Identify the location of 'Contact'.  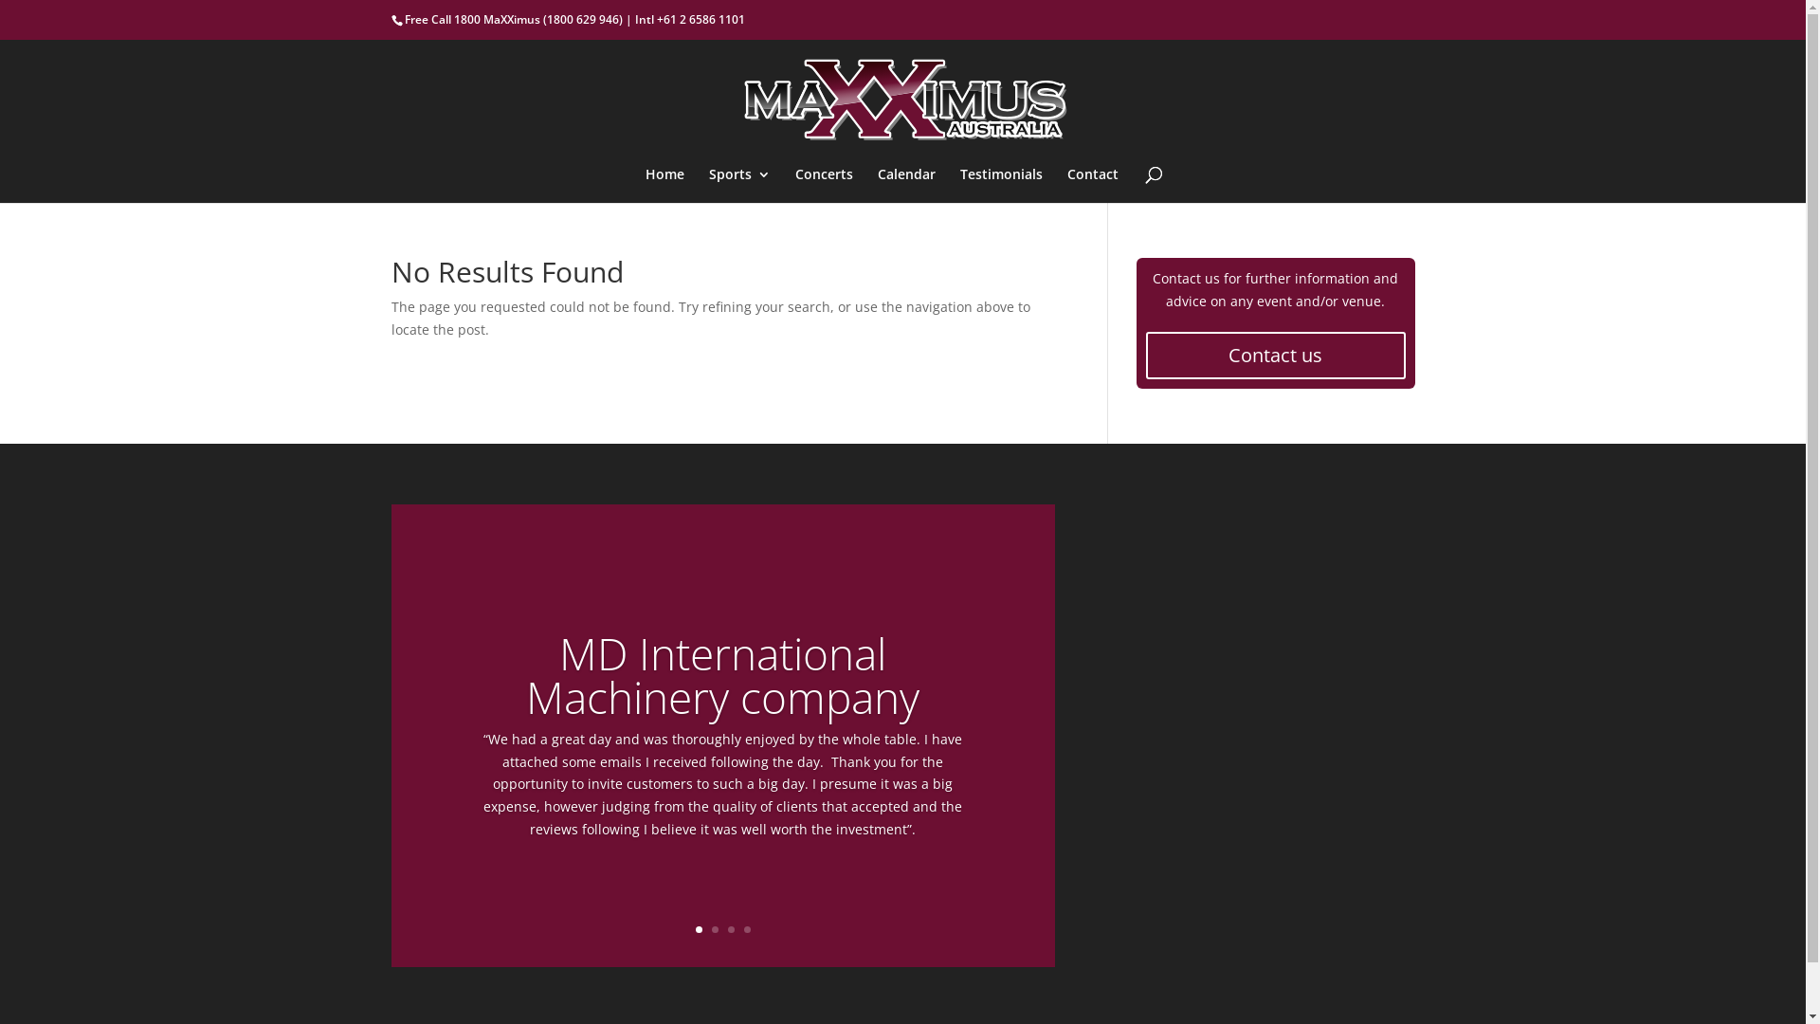
(1067, 185).